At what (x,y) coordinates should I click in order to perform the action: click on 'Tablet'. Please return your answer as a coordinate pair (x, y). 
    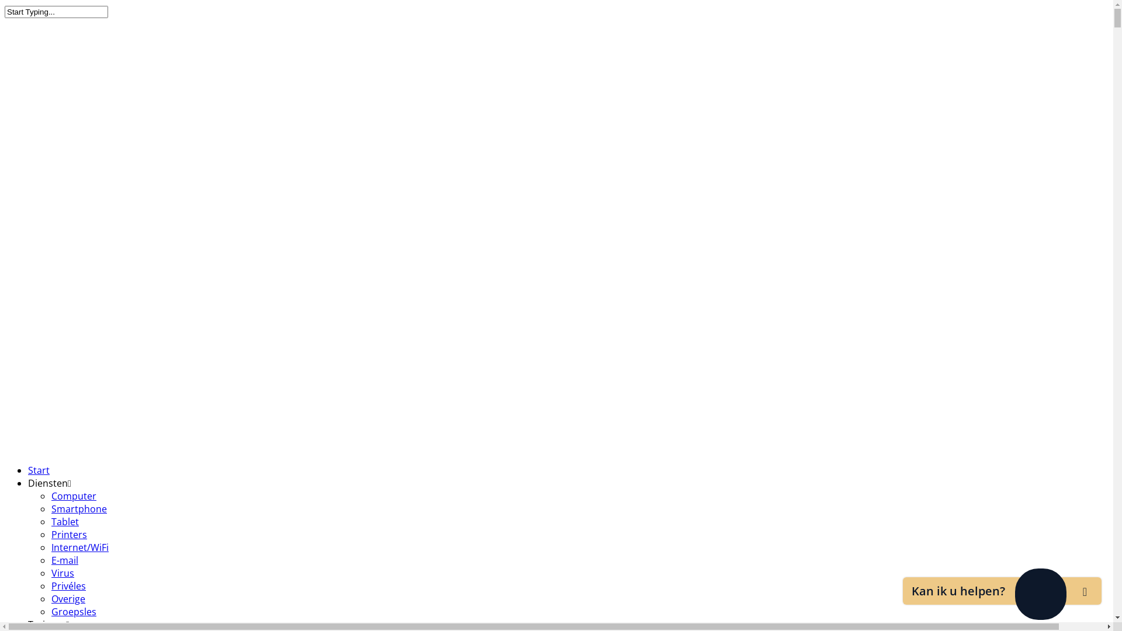
    Looking at the image, I should click on (50, 521).